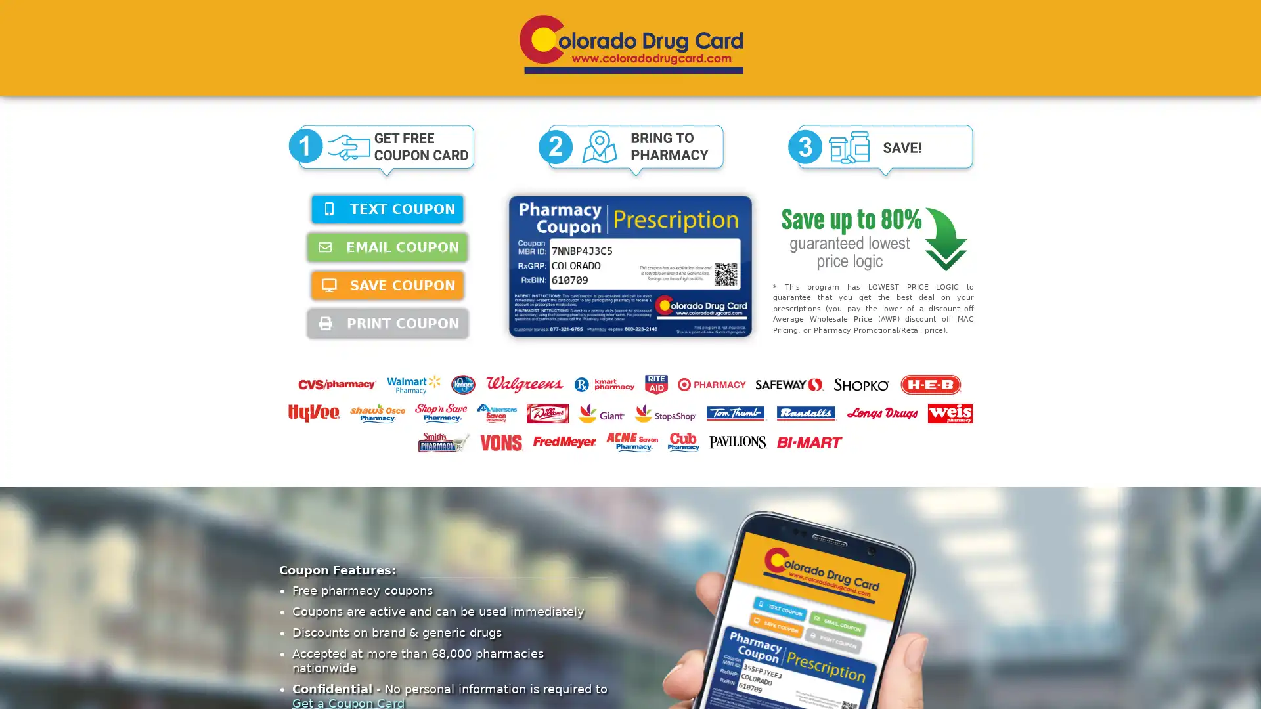  I want to click on TEXT COUPON, so click(387, 209).